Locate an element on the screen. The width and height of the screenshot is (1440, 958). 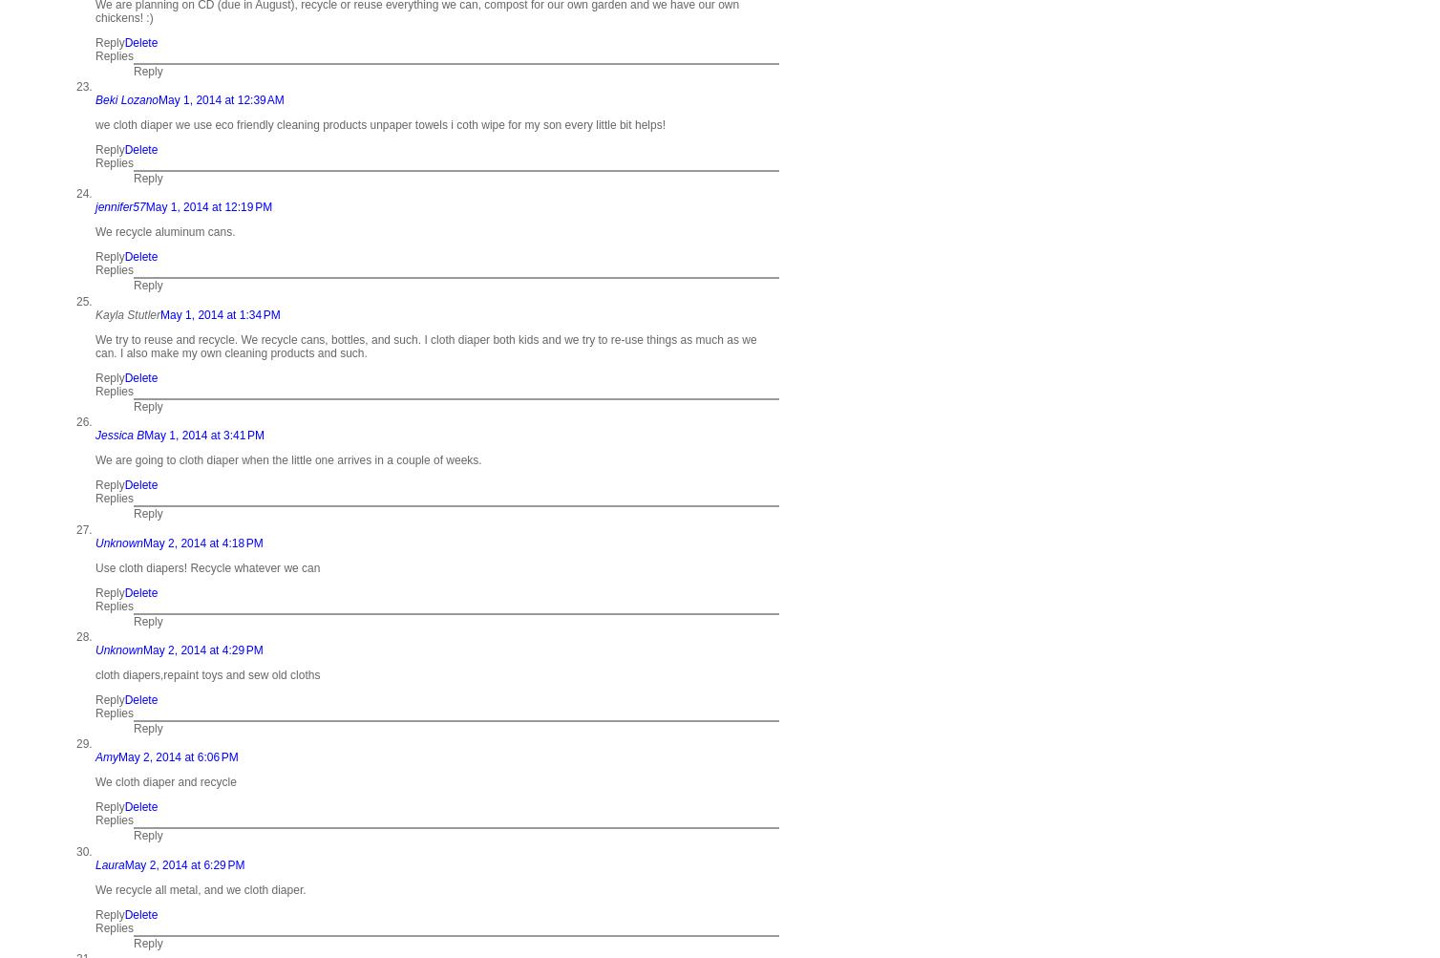
'May 1, 2014 at 3:41 PM' is located at coordinates (202, 435).